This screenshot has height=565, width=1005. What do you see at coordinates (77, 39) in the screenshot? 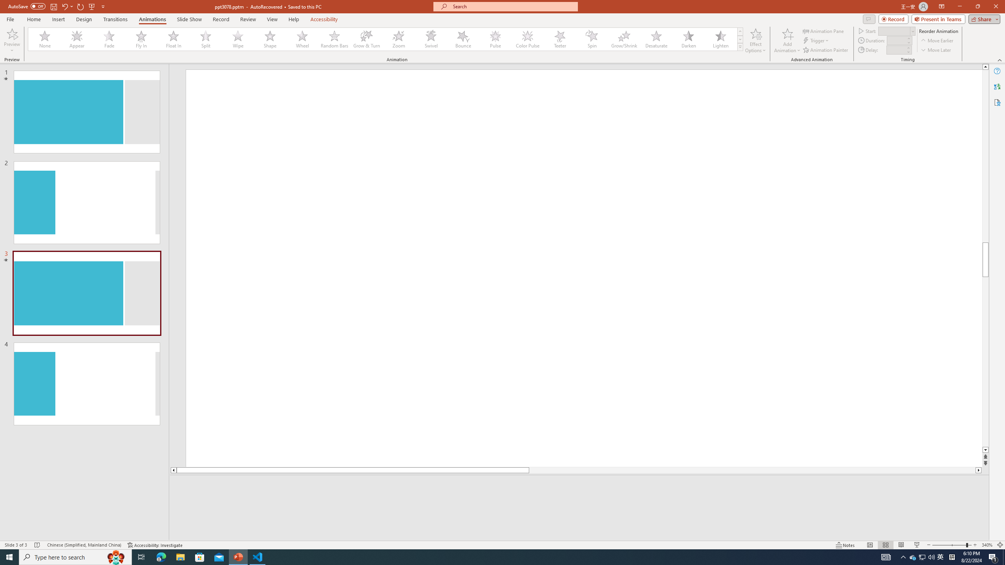
I see `'Appear'` at bounding box center [77, 39].